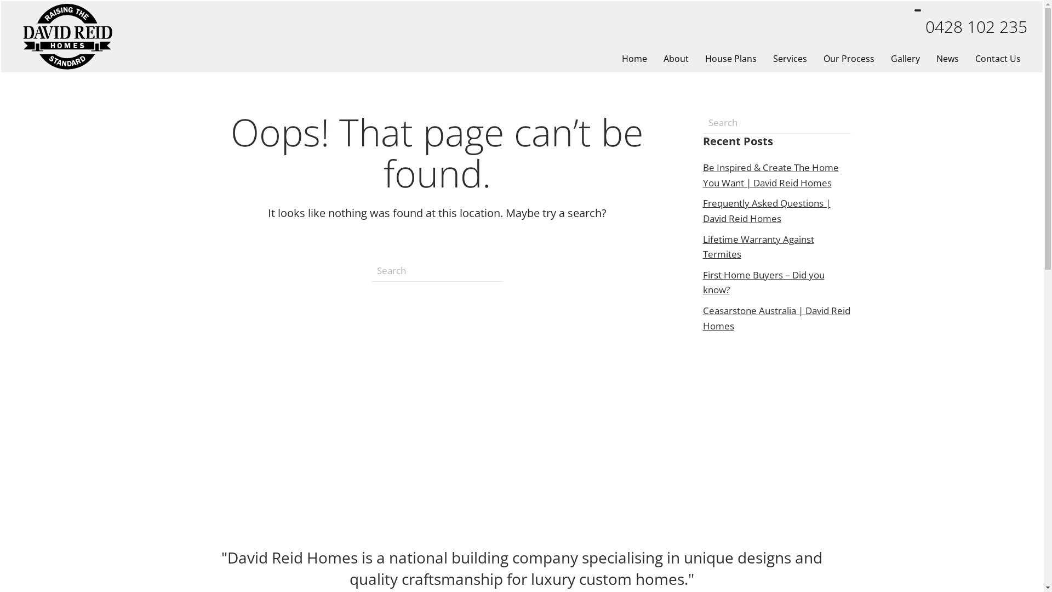 The image size is (1052, 592). Describe the element at coordinates (770, 174) in the screenshot. I see `'Be Inspired & Create The Home You Want | David Reid Homes'` at that location.